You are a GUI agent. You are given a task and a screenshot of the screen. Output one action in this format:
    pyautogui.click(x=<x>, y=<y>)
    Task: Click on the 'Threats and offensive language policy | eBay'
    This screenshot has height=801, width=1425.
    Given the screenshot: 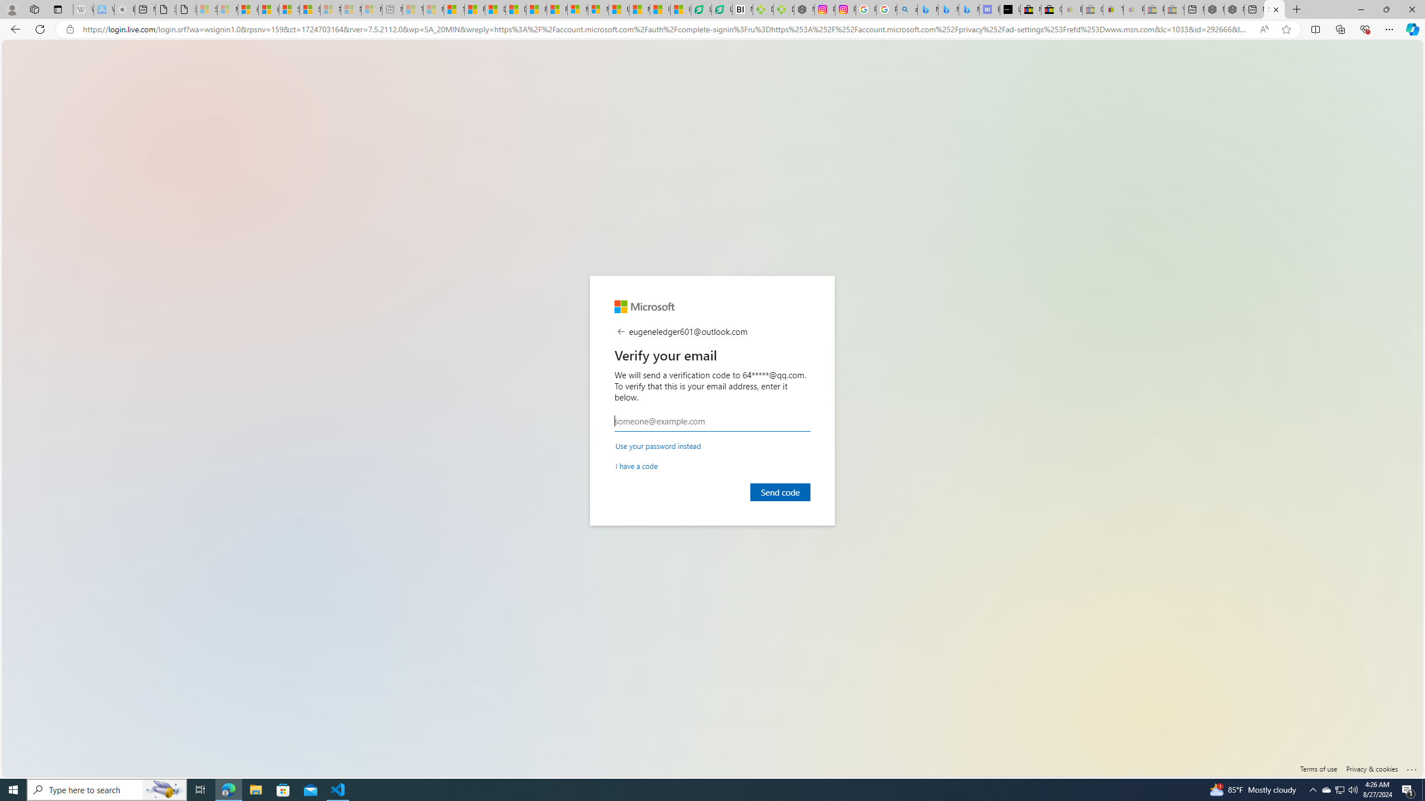 What is the action you would take?
    pyautogui.click(x=1113, y=9)
    